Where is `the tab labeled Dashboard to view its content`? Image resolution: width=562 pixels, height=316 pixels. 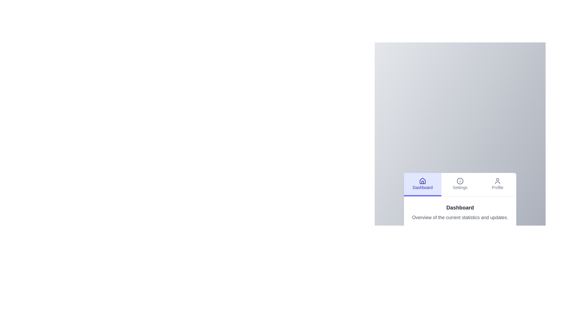
the tab labeled Dashboard to view its content is located at coordinates (423, 184).